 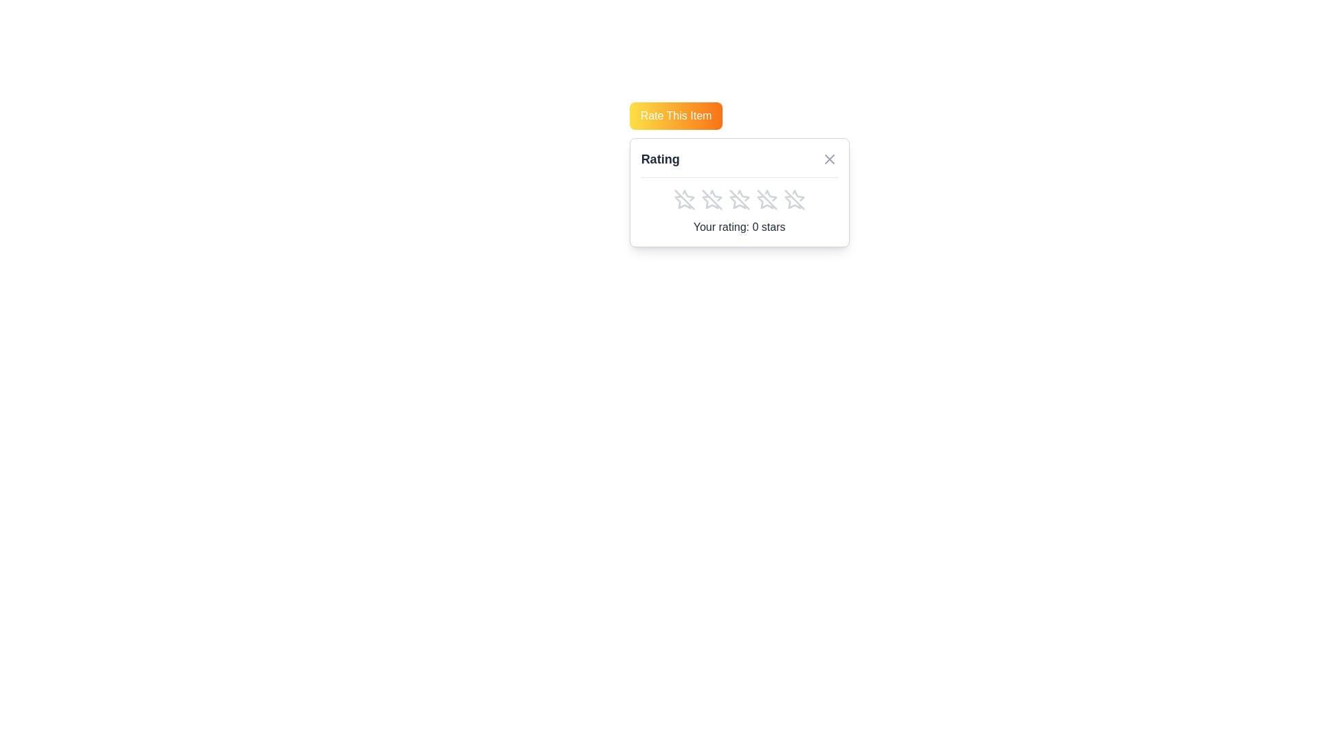 I want to click on the fifth star icon in the rating system, which indicates an unselected state, located to the right in the group of five stars below the 'Rate This Item' button, so click(x=794, y=199).